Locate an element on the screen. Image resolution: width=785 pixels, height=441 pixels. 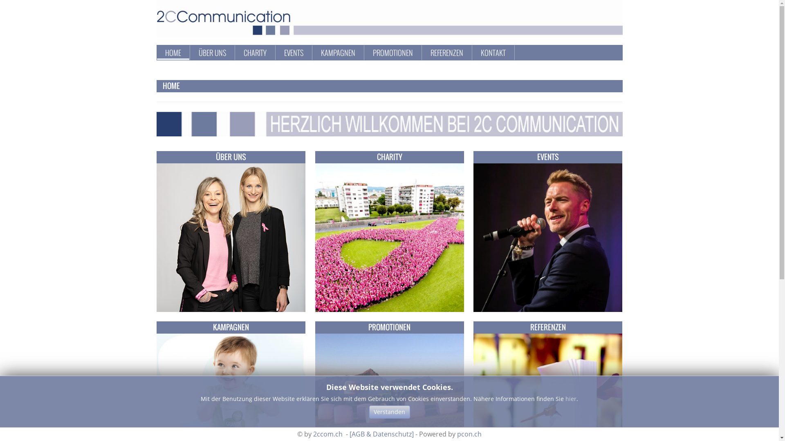
'KONTAKT' is located at coordinates (493, 52).